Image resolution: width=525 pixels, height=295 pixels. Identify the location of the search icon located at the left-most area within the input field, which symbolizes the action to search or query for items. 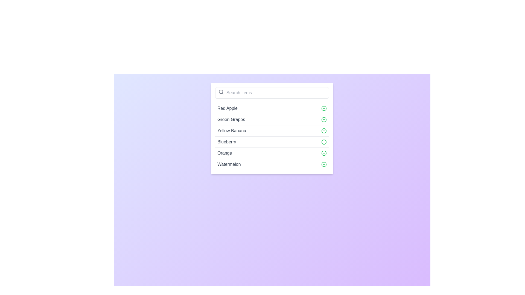
(221, 92).